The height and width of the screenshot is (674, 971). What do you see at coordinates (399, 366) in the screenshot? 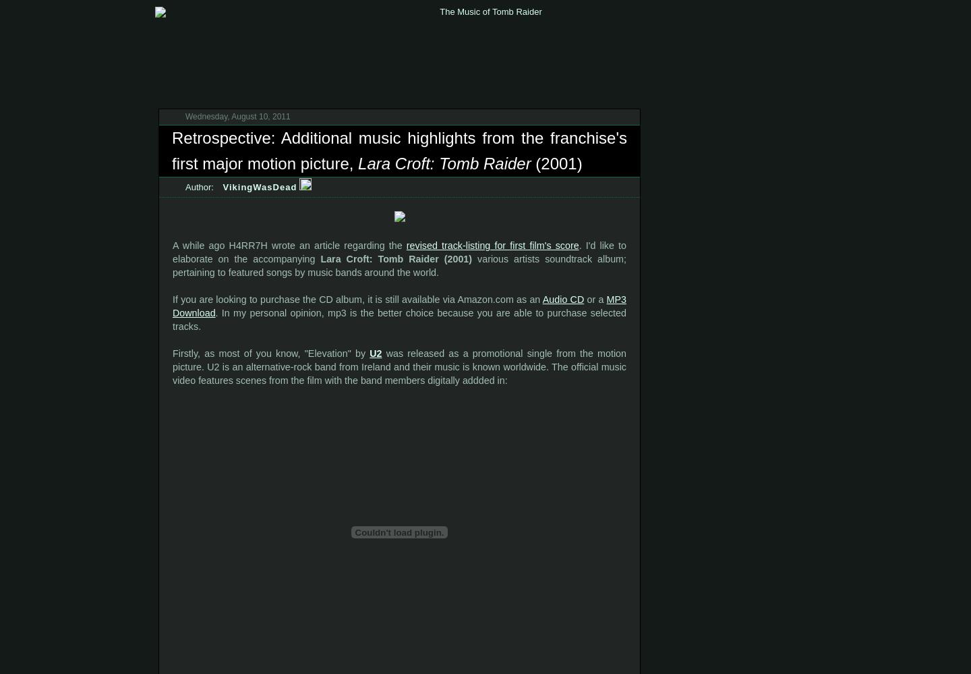
I see `'was released as a promotional single from the motion picture. U2 is an alternative-rock band from Ireland and their music is known worldwide. The official music video features scenes from the film with the band members digitally addded in:'` at bounding box center [399, 366].